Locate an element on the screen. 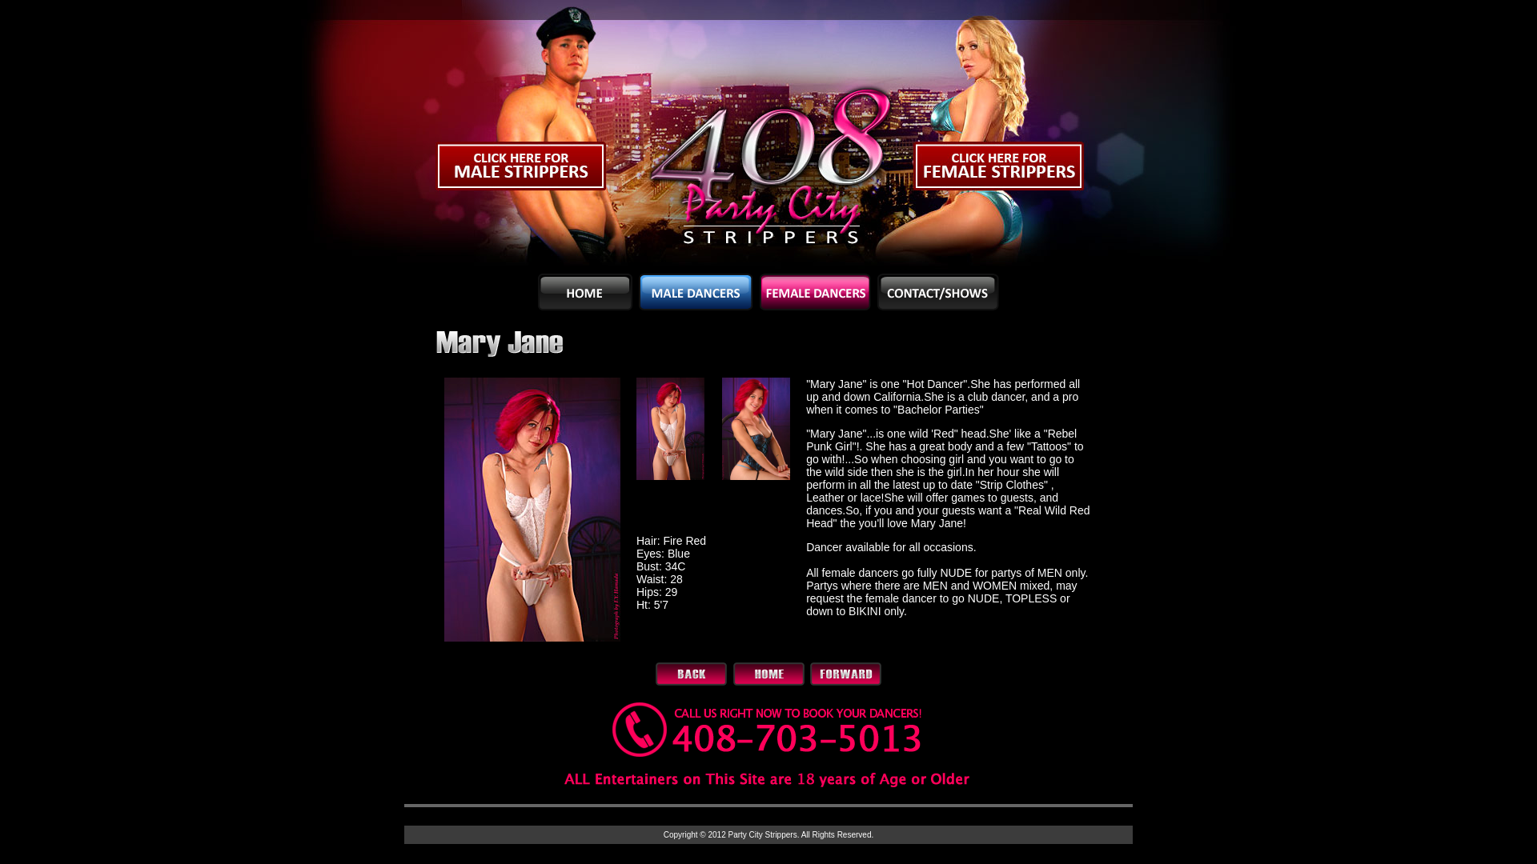 The width and height of the screenshot is (1537, 864). 'Party City Strippers, Exotic Dancers, Bay Area Strippers' is located at coordinates (768, 135).